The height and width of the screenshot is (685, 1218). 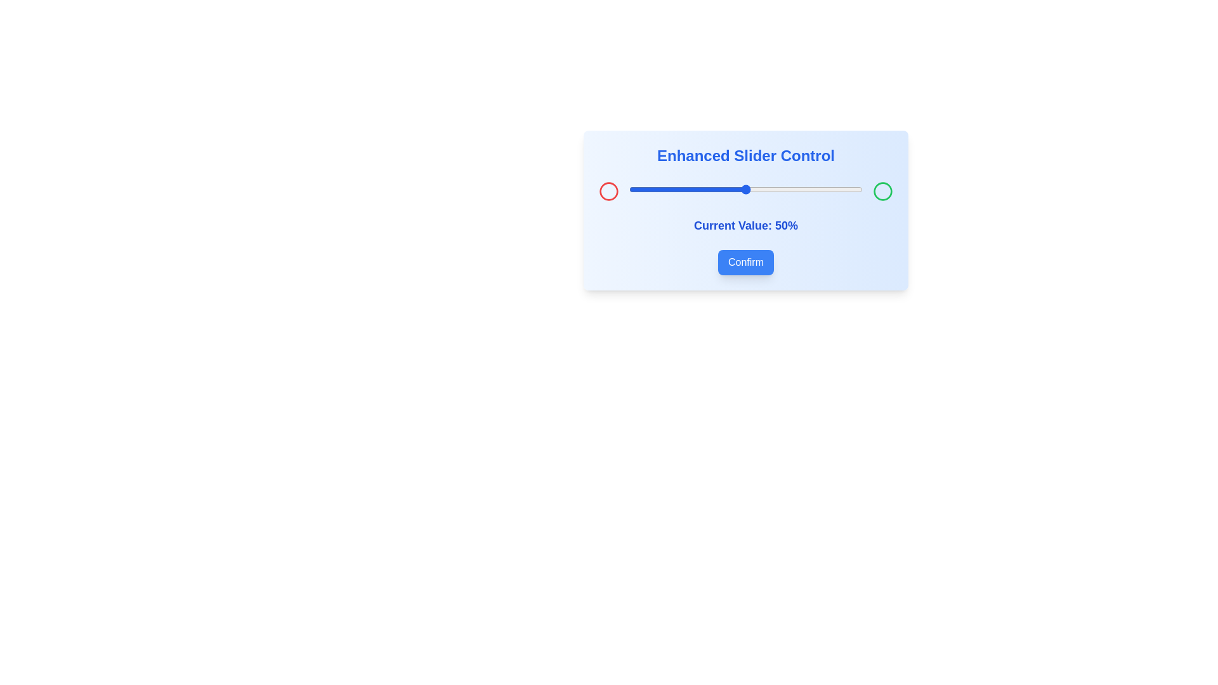 What do you see at coordinates (834, 190) in the screenshot?
I see `the slider` at bounding box center [834, 190].